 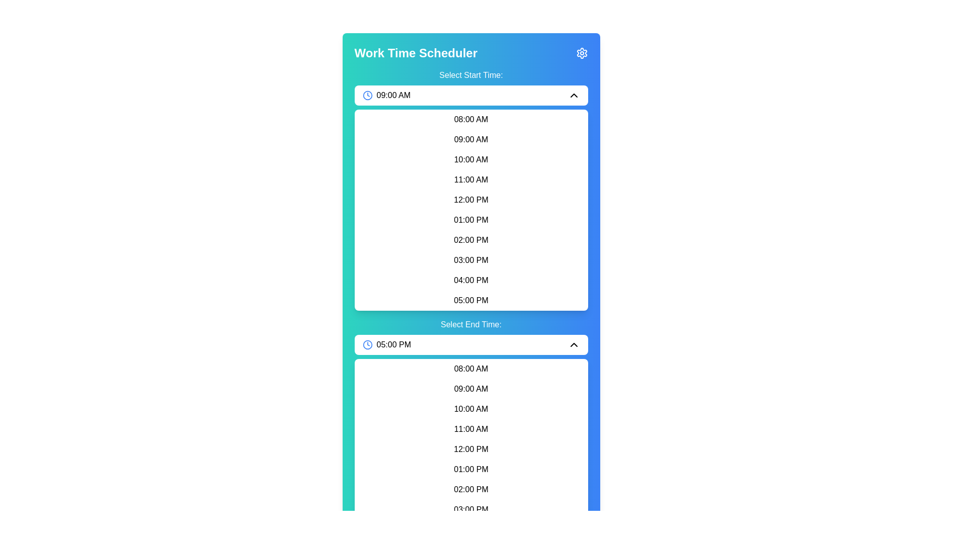 I want to click on the time option displayed as '05:00 PM' in bold black text, which is the last item in the vertical list of time slots under the section titled 'Select Start Time', so click(x=470, y=300).